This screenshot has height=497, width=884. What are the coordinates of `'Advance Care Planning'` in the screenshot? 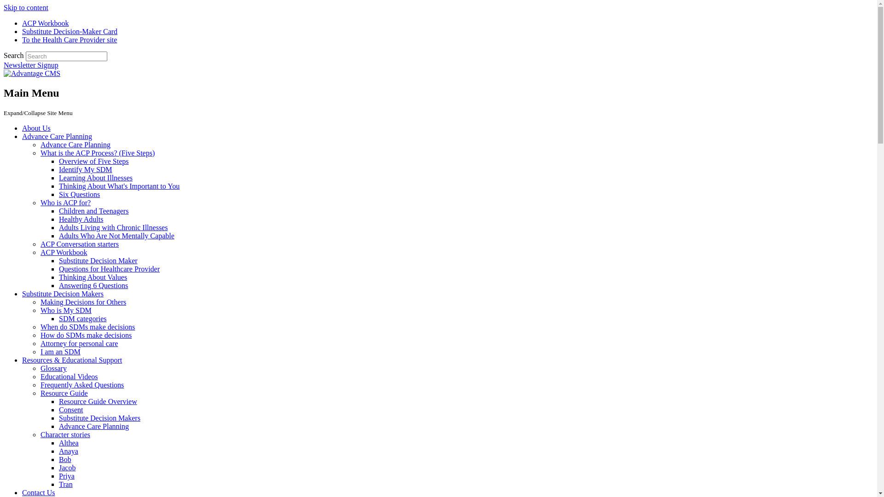 It's located at (57, 136).